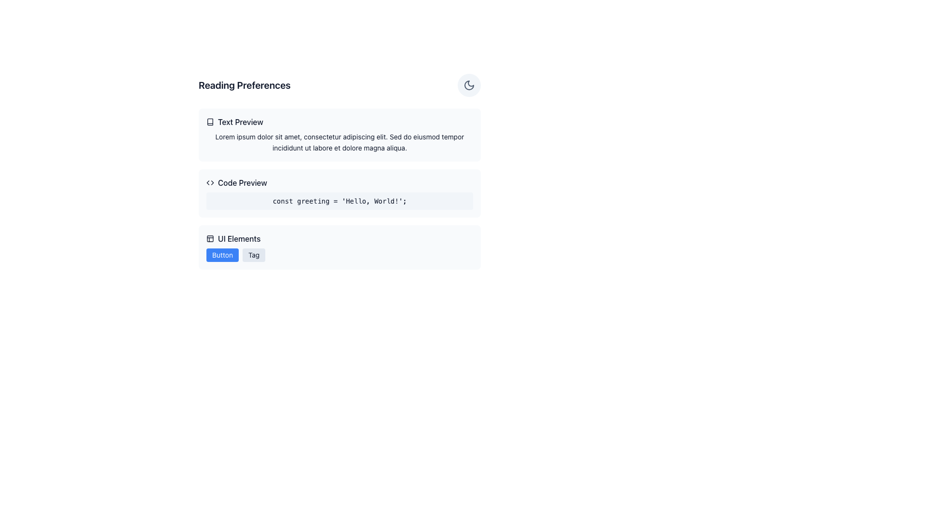  Describe the element at coordinates (222, 254) in the screenshot. I see `the general-purpose button located in the bottom-right corner of the 'UI Elements' panel to observe styling changes` at that location.